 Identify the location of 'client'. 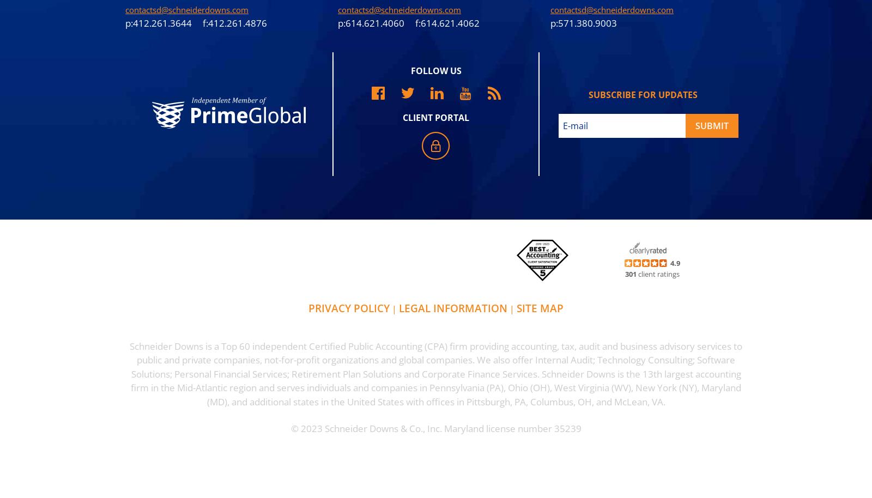
(647, 273).